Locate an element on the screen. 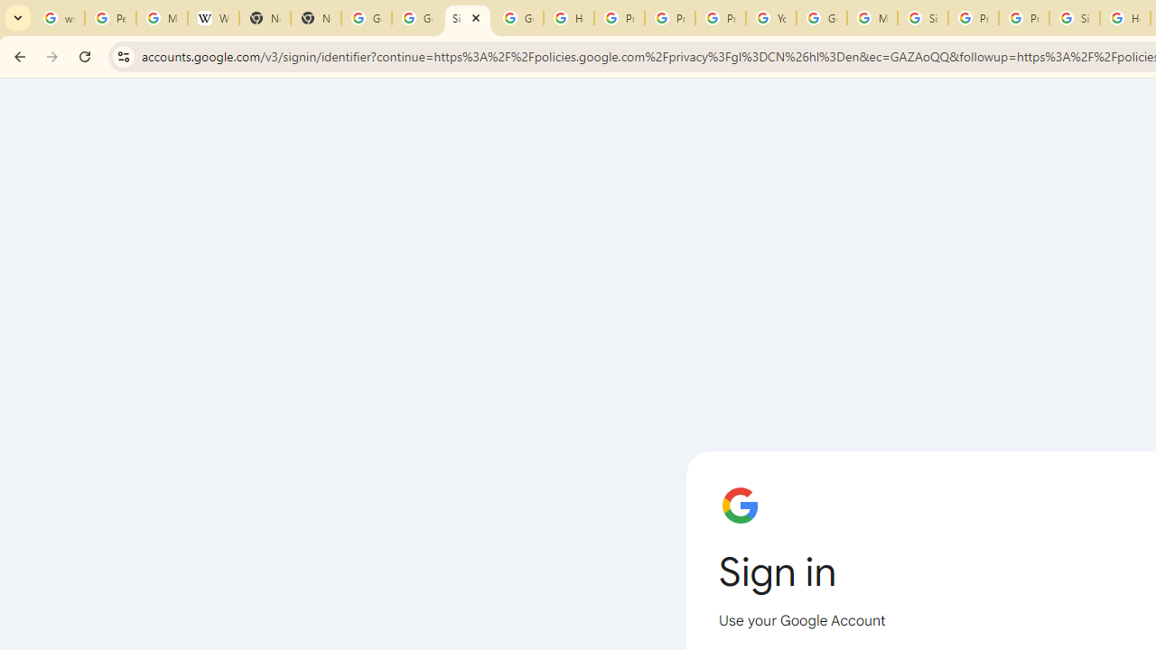 The height and width of the screenshot is (650, 1156). 'New Tab' is located at coordinates (316, 18).